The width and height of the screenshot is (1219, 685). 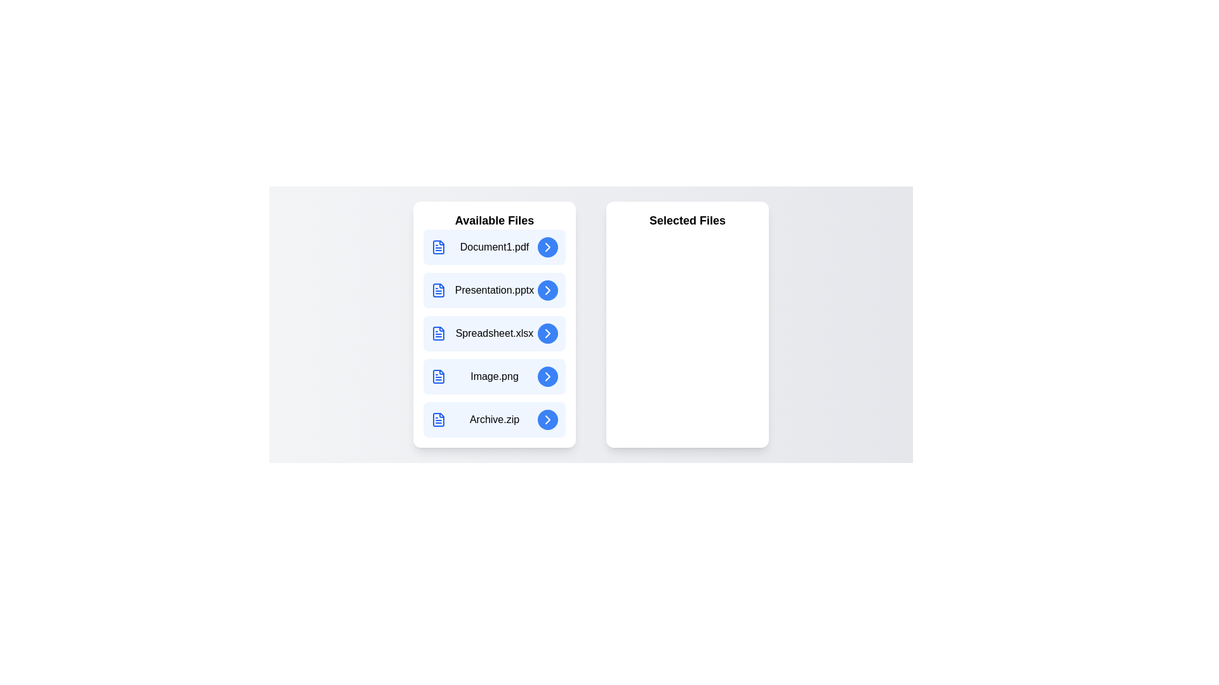 What do you see at coordinates (548, 247) in the screenshot?
I see `right arrow button next to the file Document1.pdf in the 'Available Files' list to assign it to the 'Selected Files' list` at bounding box center [548, 247].